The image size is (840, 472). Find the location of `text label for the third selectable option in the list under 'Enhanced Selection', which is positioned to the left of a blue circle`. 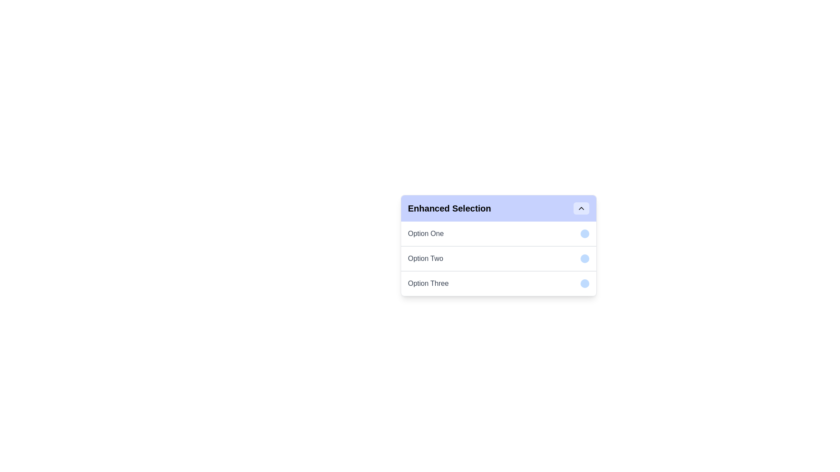

text label for the third selectable option in the list under 'Enhanced Selection', which is positioned to the left of a blue circle is located at coordinates (428, 283).